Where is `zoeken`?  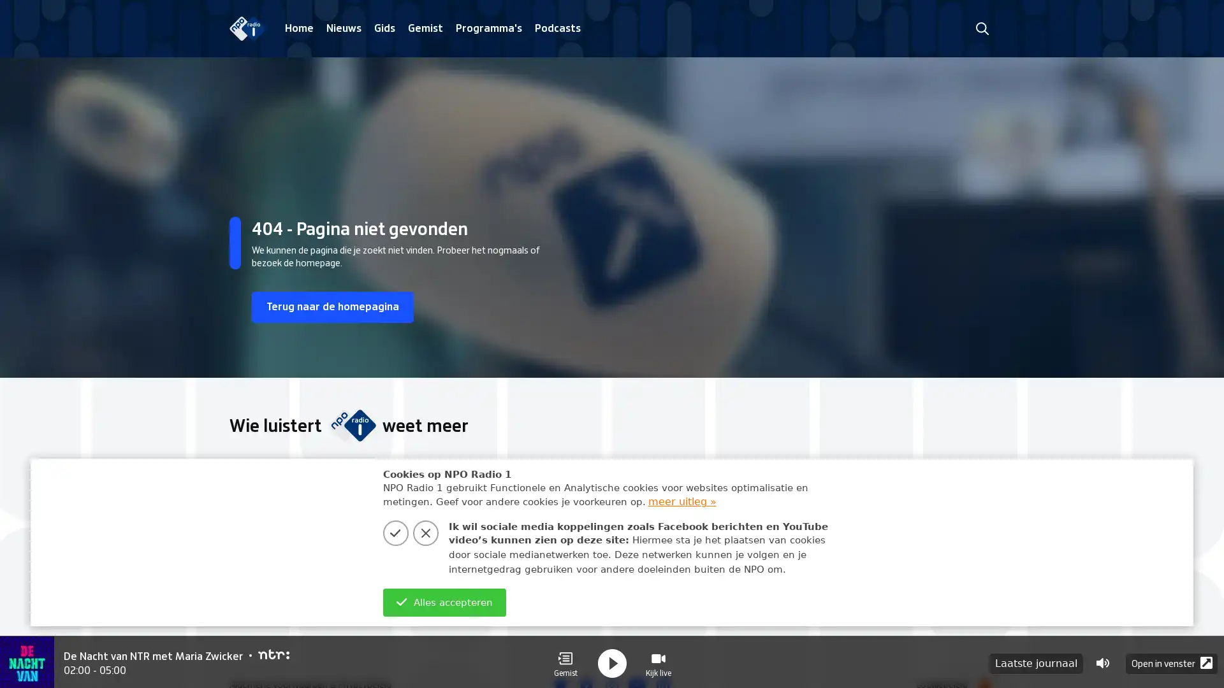
zoeken is located at coordinates (981, 28).